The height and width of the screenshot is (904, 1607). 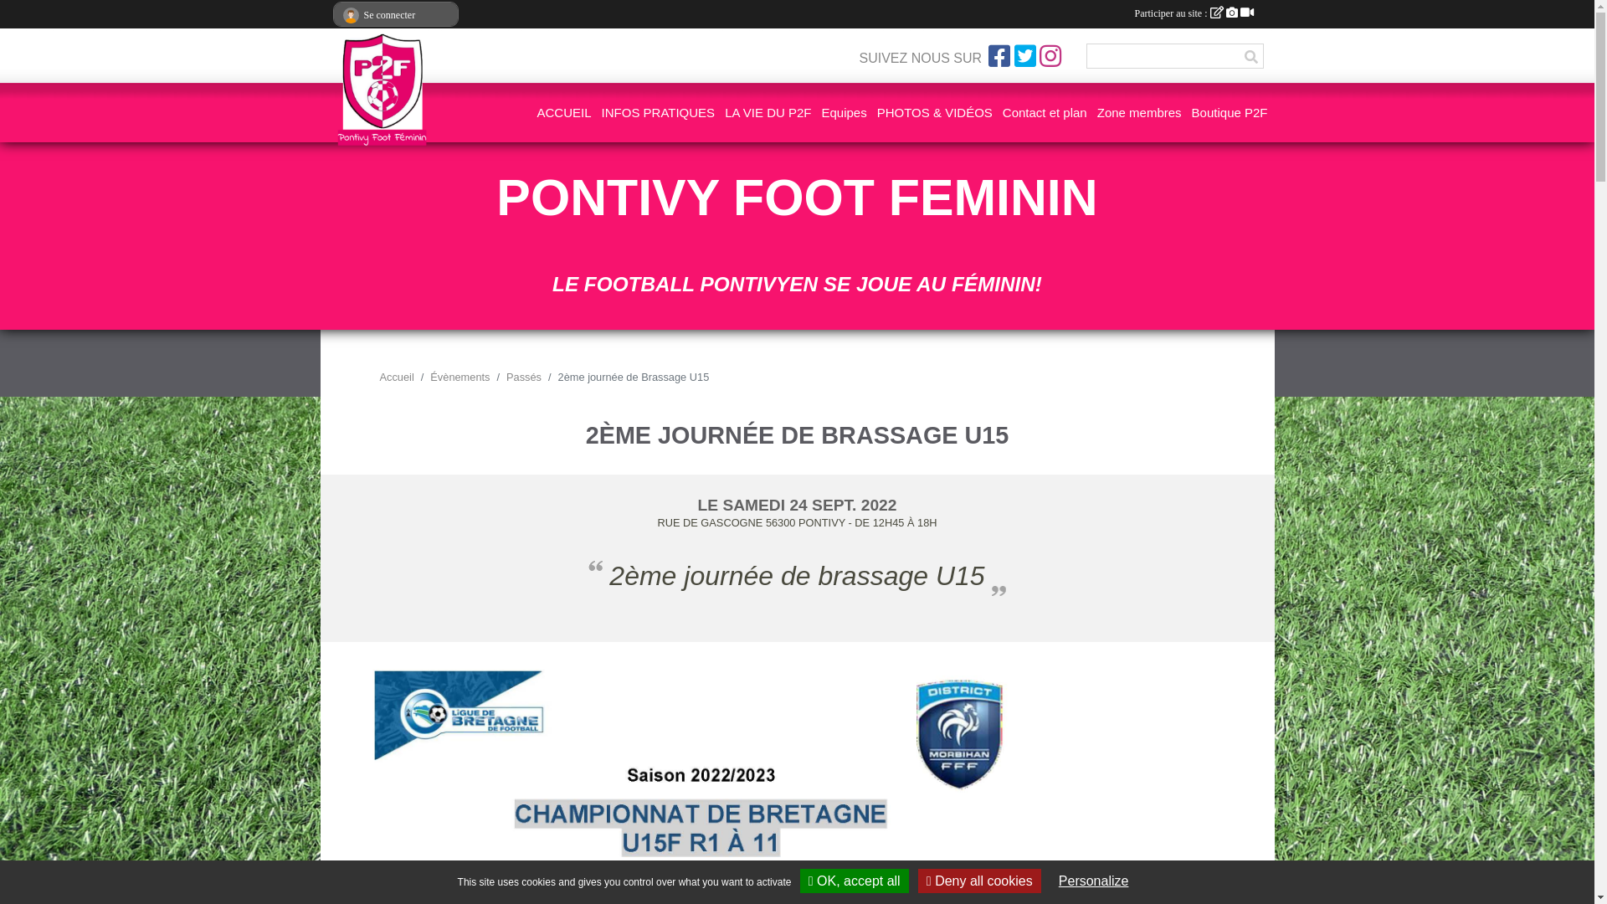 What do you see at coordinates (333, 15) in the screenshot?
I see `'Se connecter'` at bounding box center [333, 15].